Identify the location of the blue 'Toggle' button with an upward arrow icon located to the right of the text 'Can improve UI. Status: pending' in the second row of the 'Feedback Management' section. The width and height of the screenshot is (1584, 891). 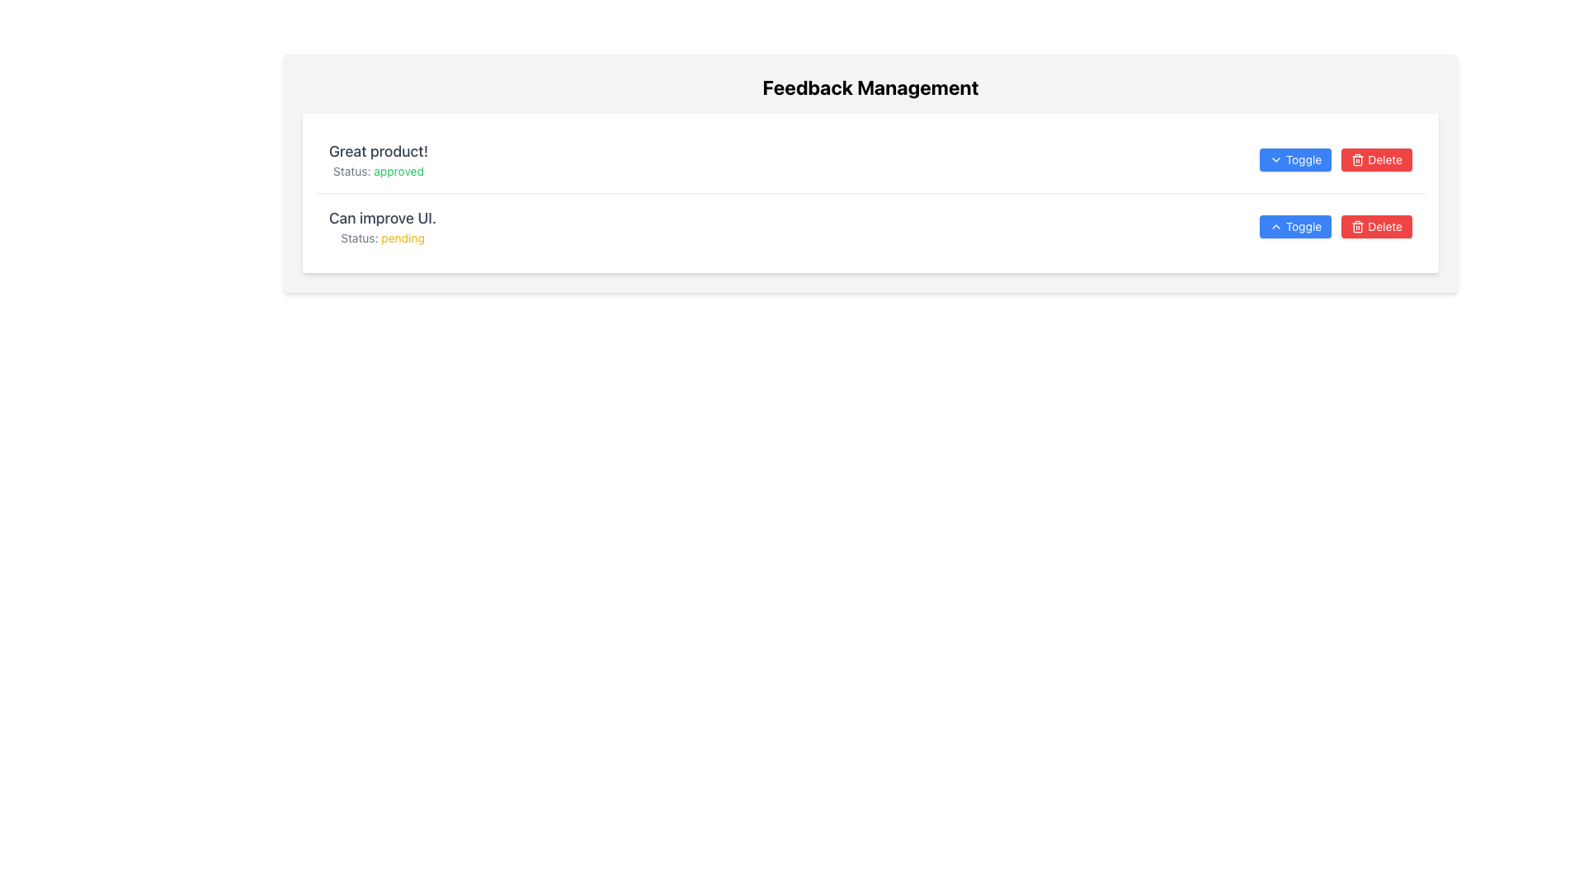
(1336, 226).